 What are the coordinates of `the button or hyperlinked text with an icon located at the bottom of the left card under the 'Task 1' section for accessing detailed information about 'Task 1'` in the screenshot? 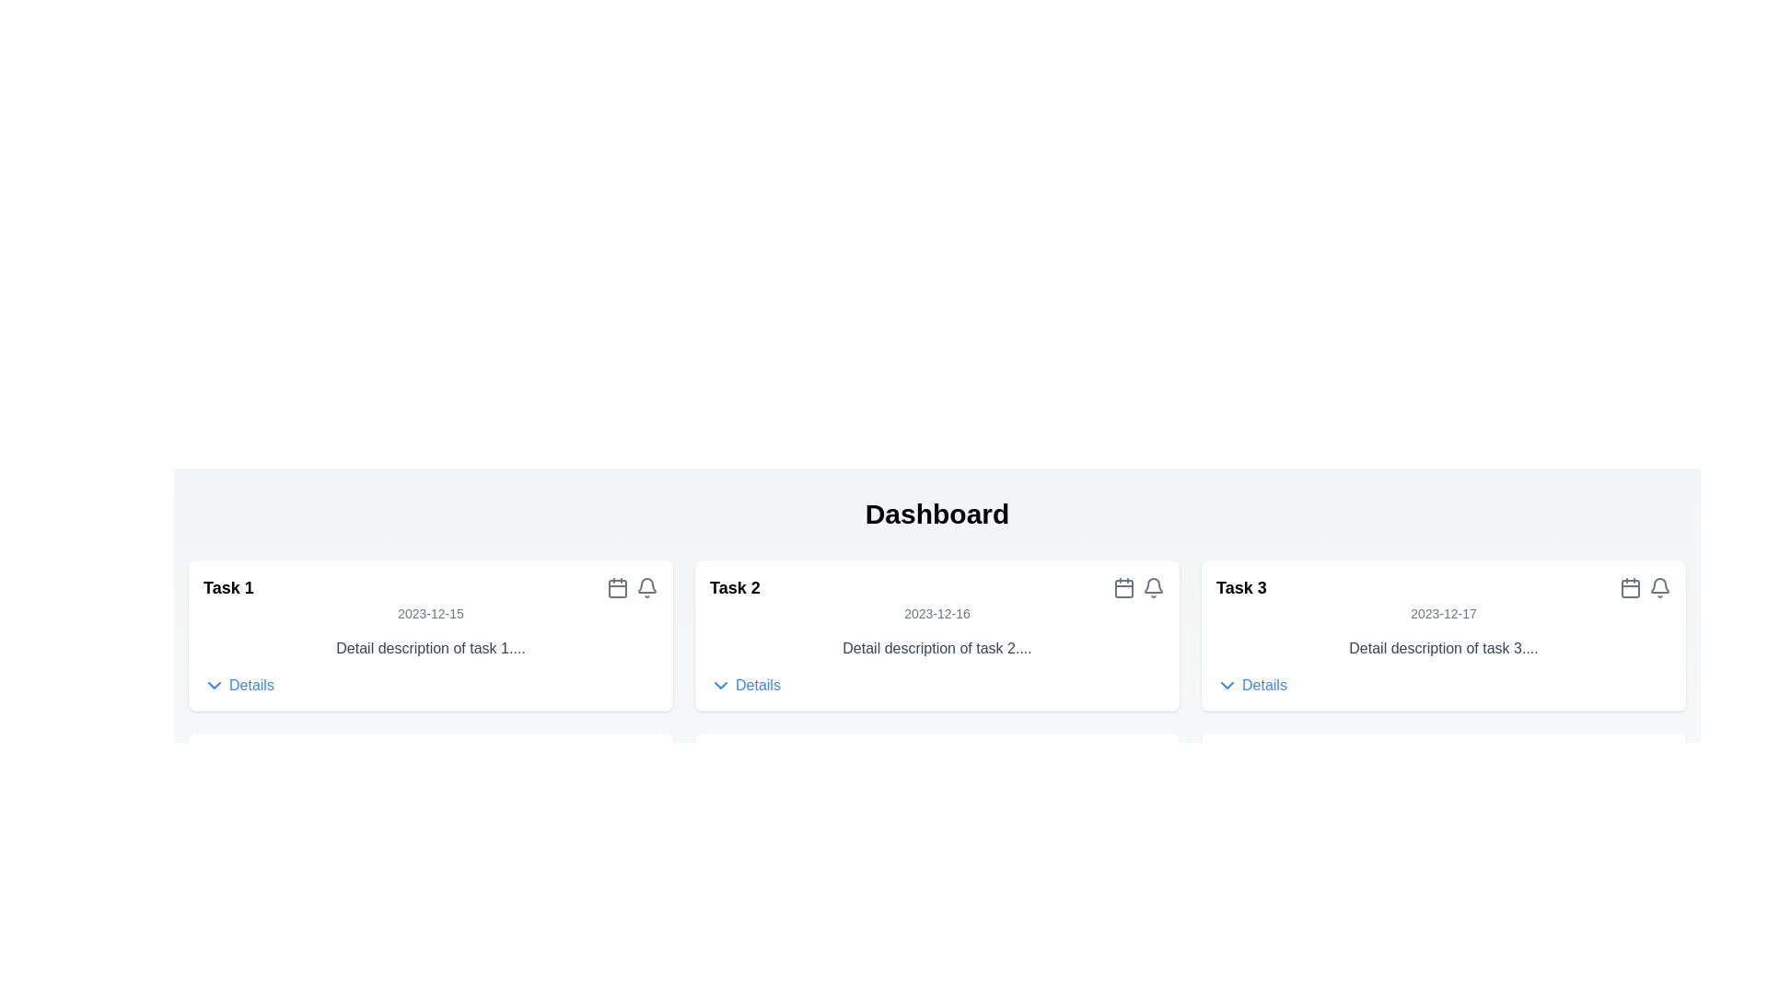 It's located at (238, 685).